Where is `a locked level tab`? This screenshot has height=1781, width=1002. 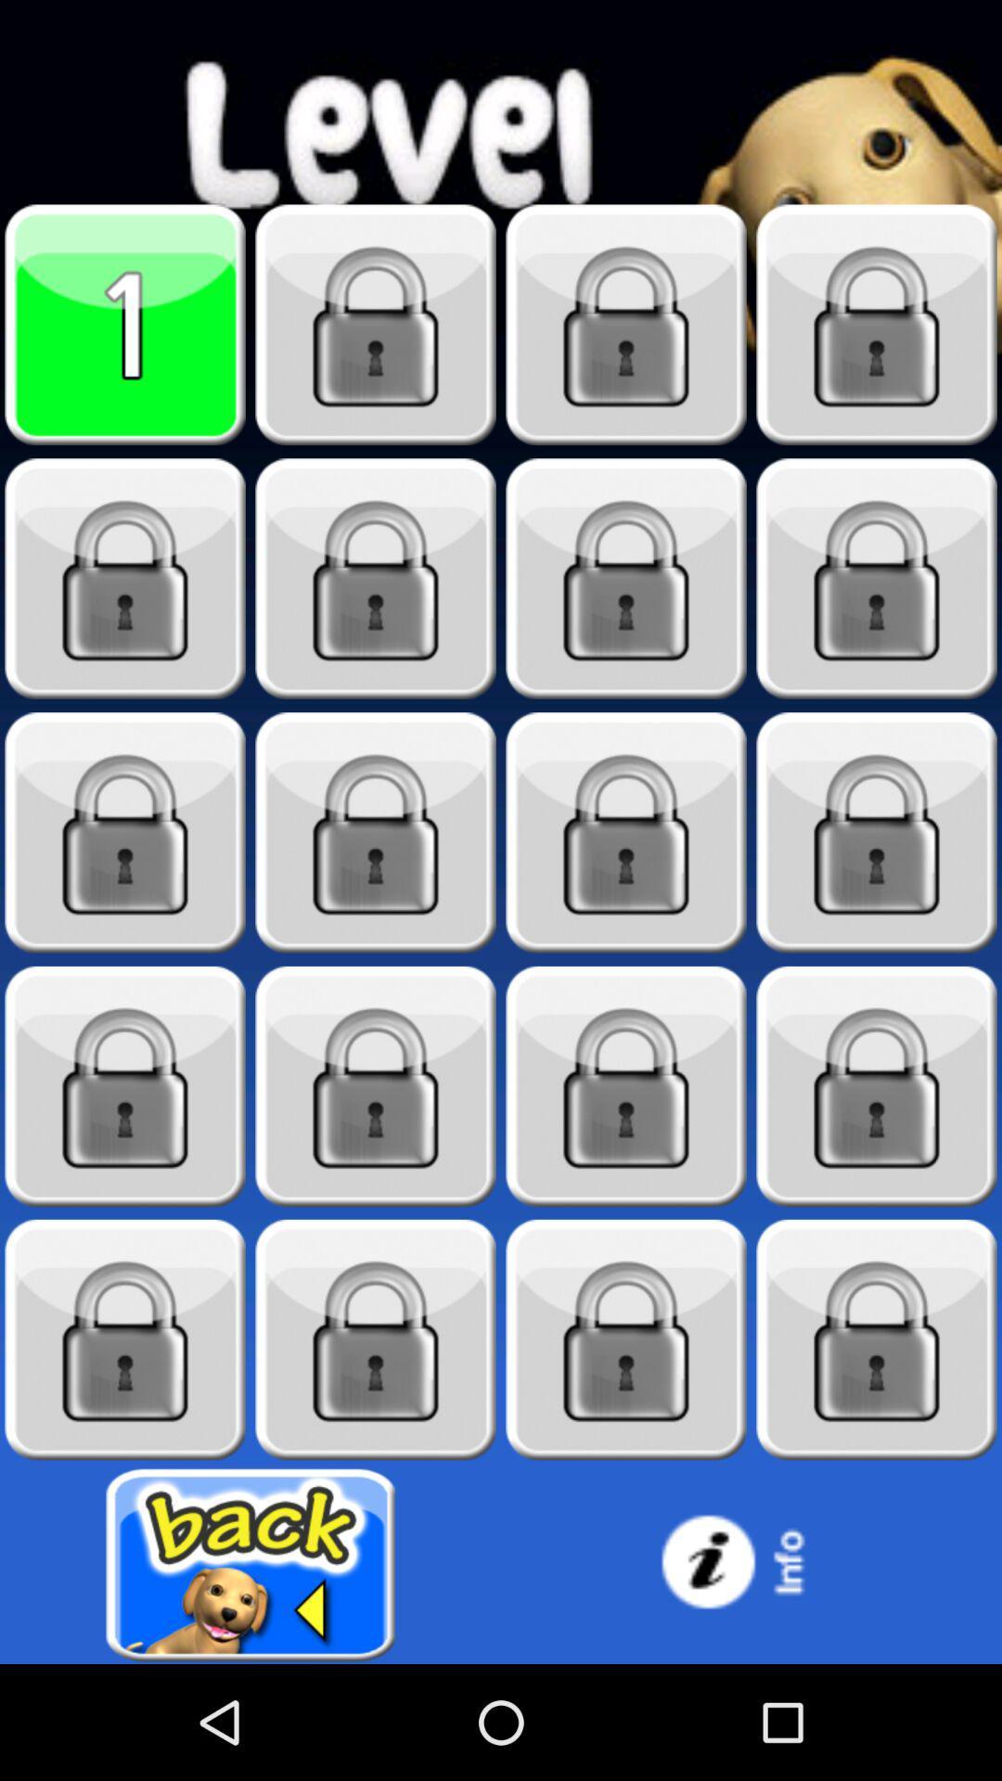
a locked level tab is located at coordinates (376, 1339).